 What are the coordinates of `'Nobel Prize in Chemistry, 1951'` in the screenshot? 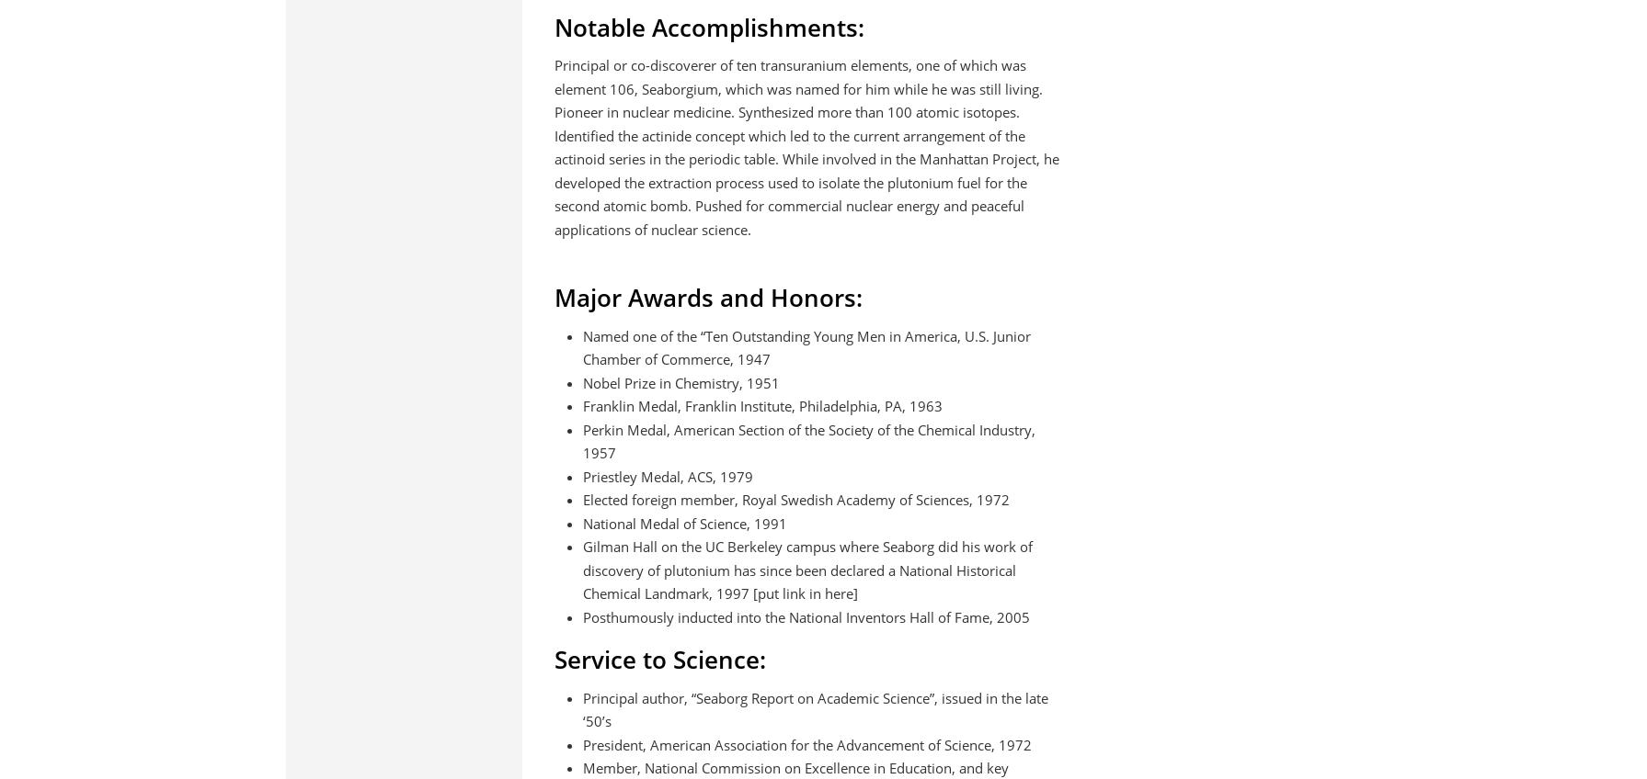 It's located at (581, 382).